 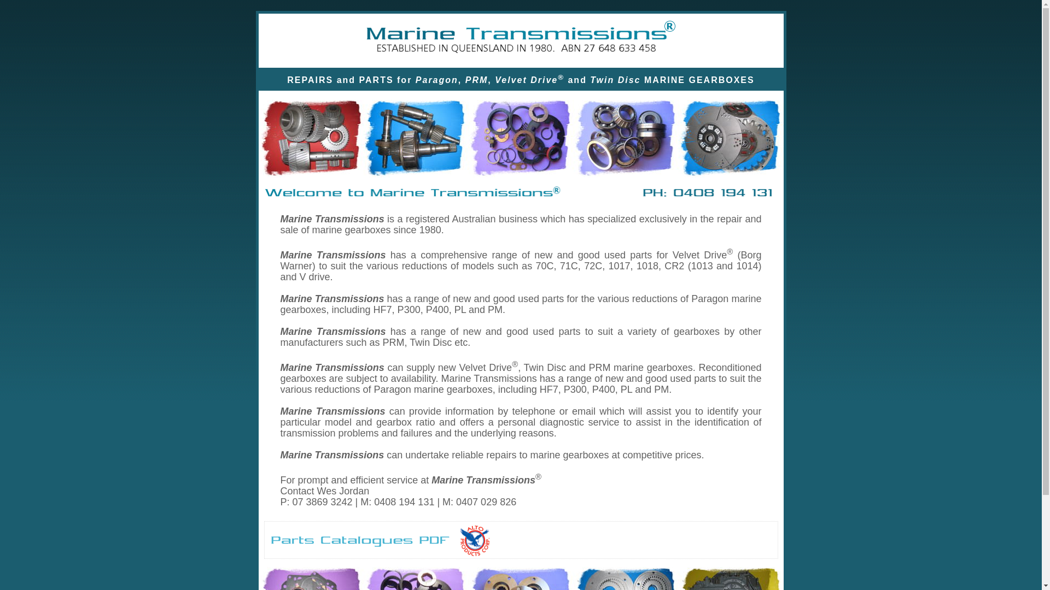 I want to click on 'Product Catalogues PDF', so click(x=360, y=541).